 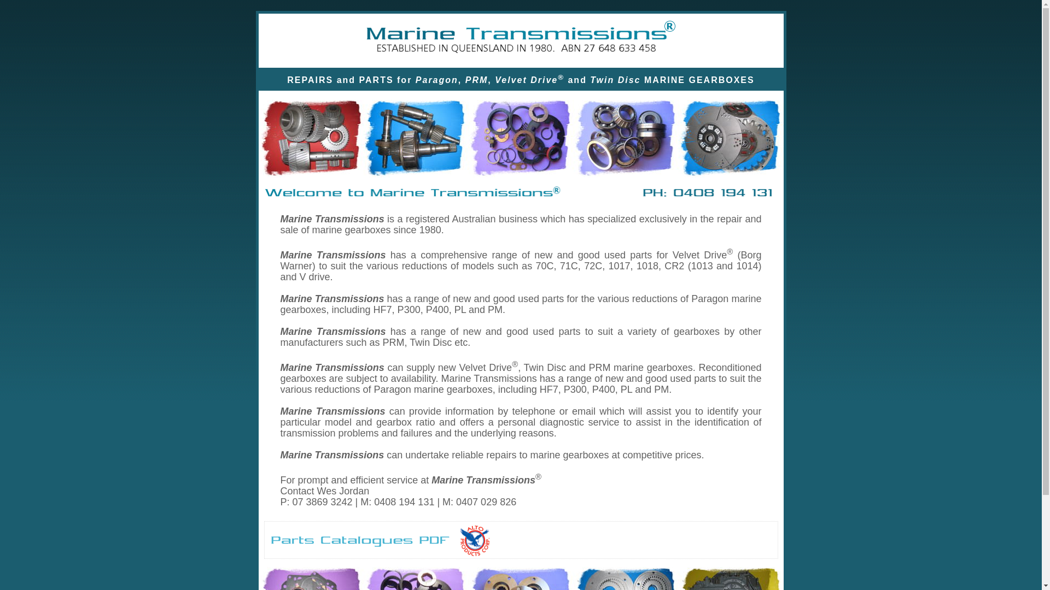 I want to click on 'Product Catalogues PDF', so click(x=360, y=541).